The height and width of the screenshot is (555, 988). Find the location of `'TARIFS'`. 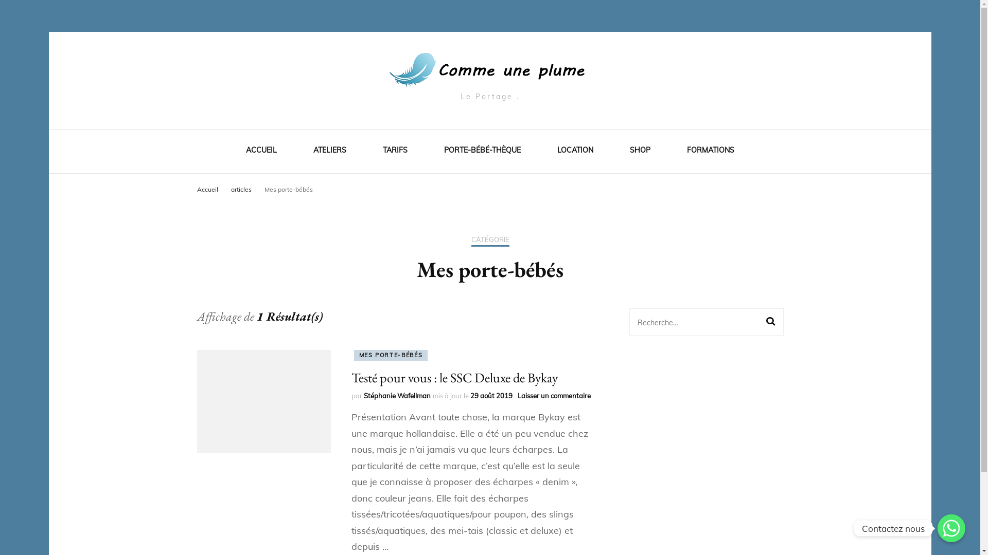

'TARIFS' is located at coordinates (395, 152).